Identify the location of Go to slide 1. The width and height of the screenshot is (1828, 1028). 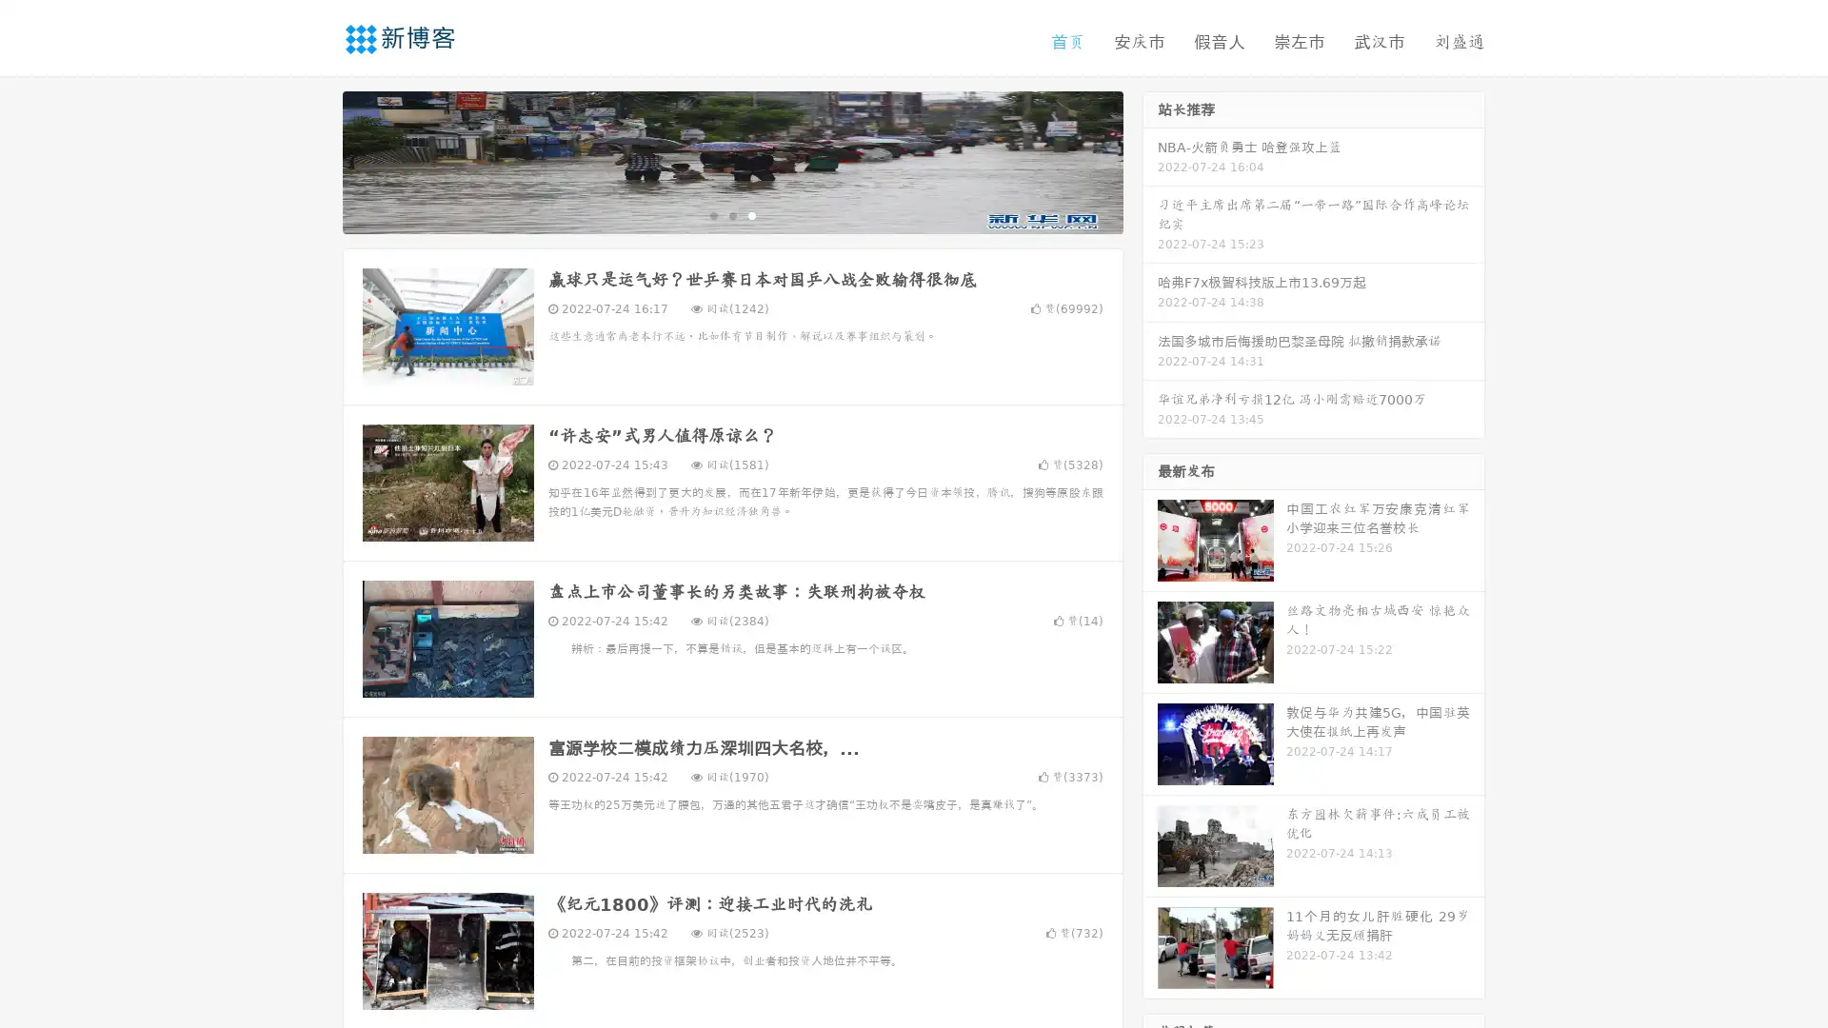
(712, 214).